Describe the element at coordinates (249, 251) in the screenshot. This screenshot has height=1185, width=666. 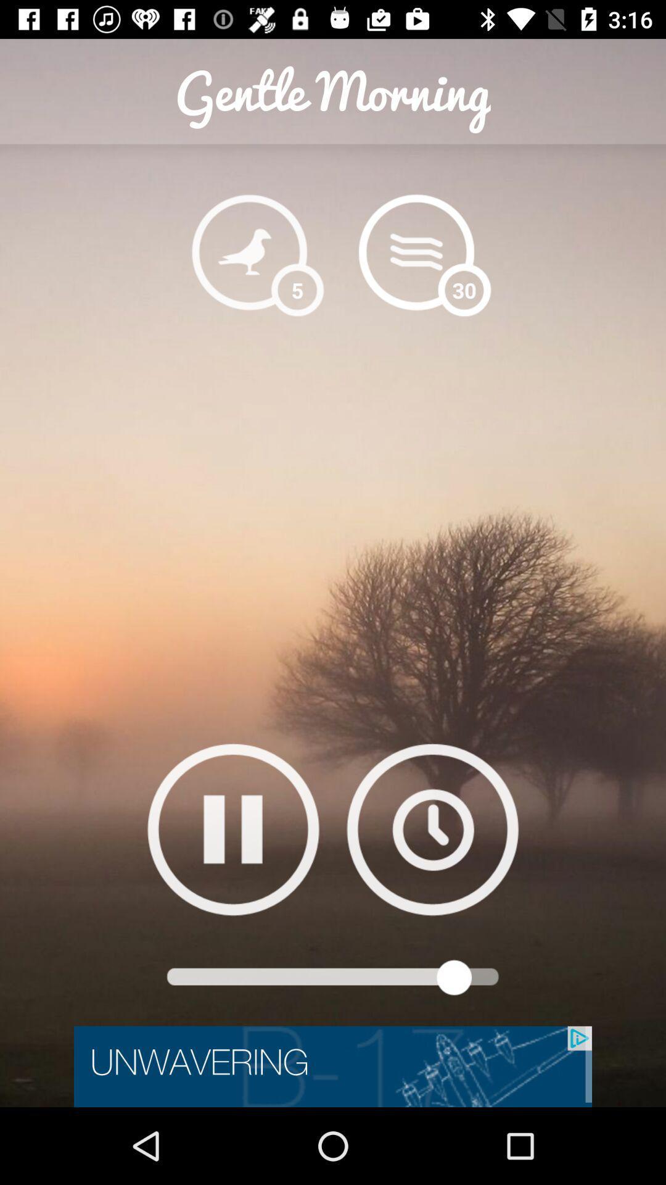
I see `bird sounds` at that location.